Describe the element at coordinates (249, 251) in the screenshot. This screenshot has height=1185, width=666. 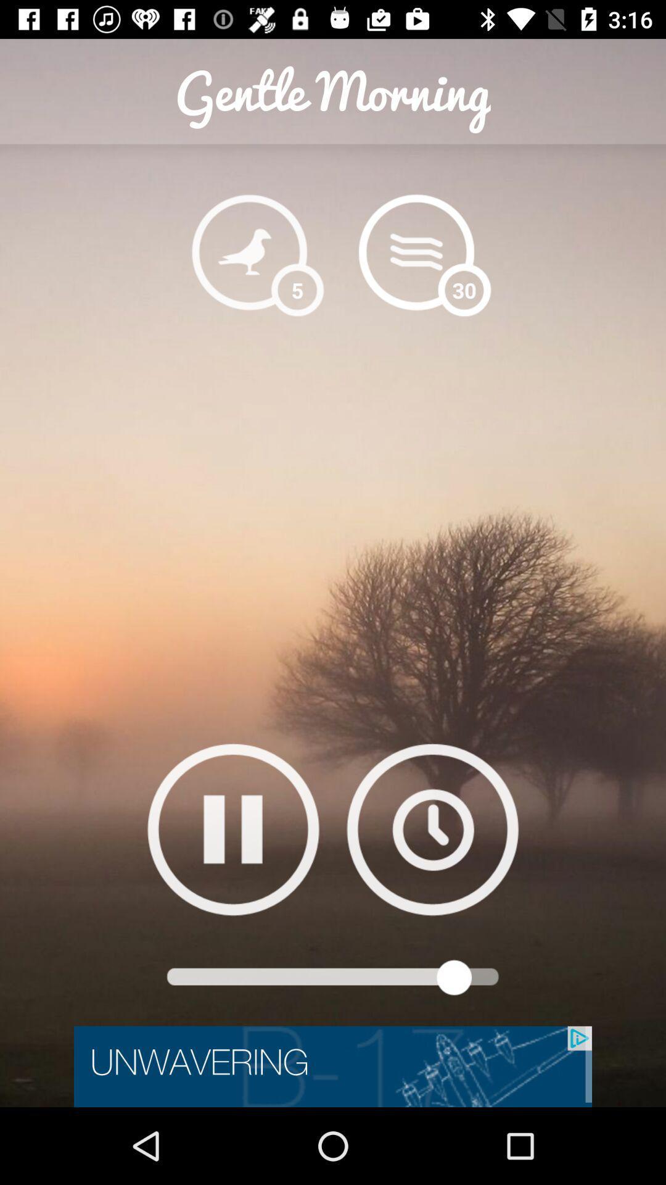
I see `bird sounds` at that location.